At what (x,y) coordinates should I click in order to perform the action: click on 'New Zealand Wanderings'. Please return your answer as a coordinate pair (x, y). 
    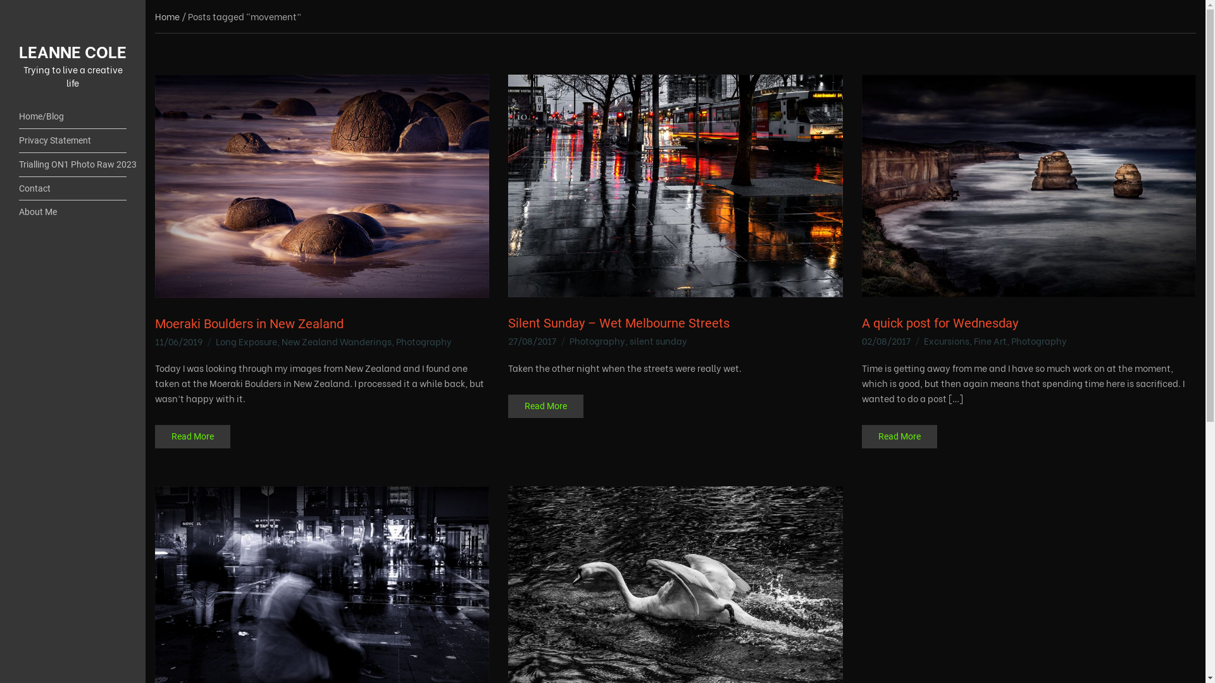
    Looking at the image, I should click on (337, 340).